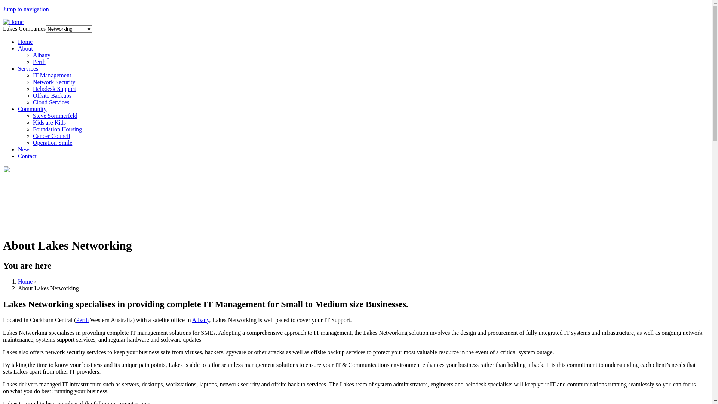 The width and height of the screenshot is (718, 404). What do you see at coordinates (55, 116) in the screenshot?
I see `'Steve Sommerfeld'` at bounding box center [55, 116].